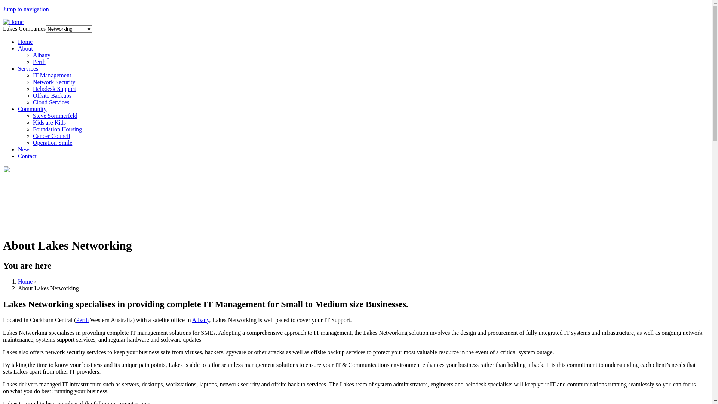 The width and height of the screenshot is (718, 404). What do you see at coordinates (55, 116) in the screenshot?
I see `'Steve Sommerfeld'` at bounding box center [55, 116].